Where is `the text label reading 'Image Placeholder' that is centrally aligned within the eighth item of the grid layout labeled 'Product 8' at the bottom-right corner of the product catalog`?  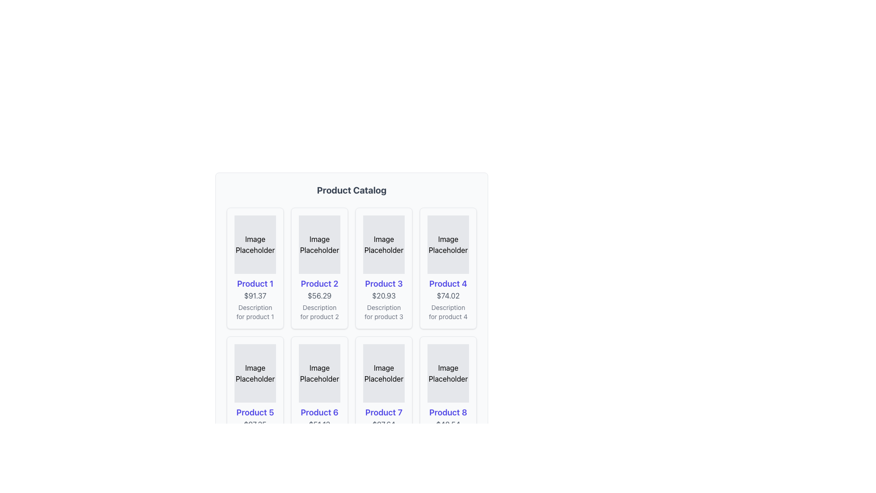 the text label reading 'Image Placeholder' that is centrally aligned within the eighth item of the grid layout labeled 'Product 8' at the bottom-right corner of the product catalog is located at coordinates (448, 373).